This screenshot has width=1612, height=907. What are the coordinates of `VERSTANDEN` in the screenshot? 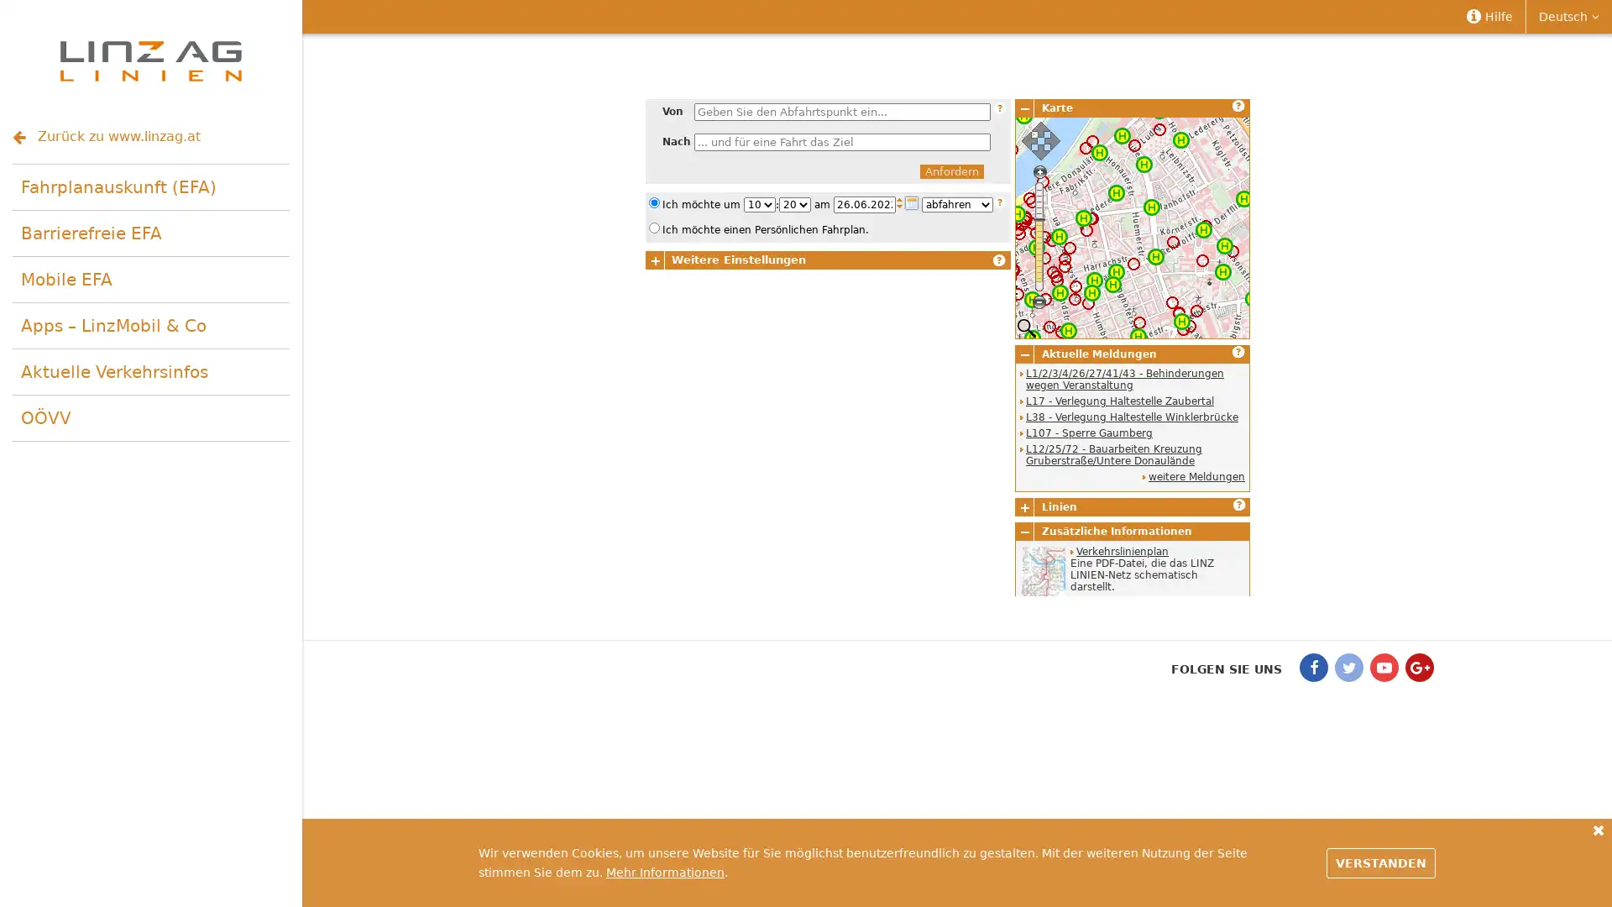 It's located at (1381, 862).